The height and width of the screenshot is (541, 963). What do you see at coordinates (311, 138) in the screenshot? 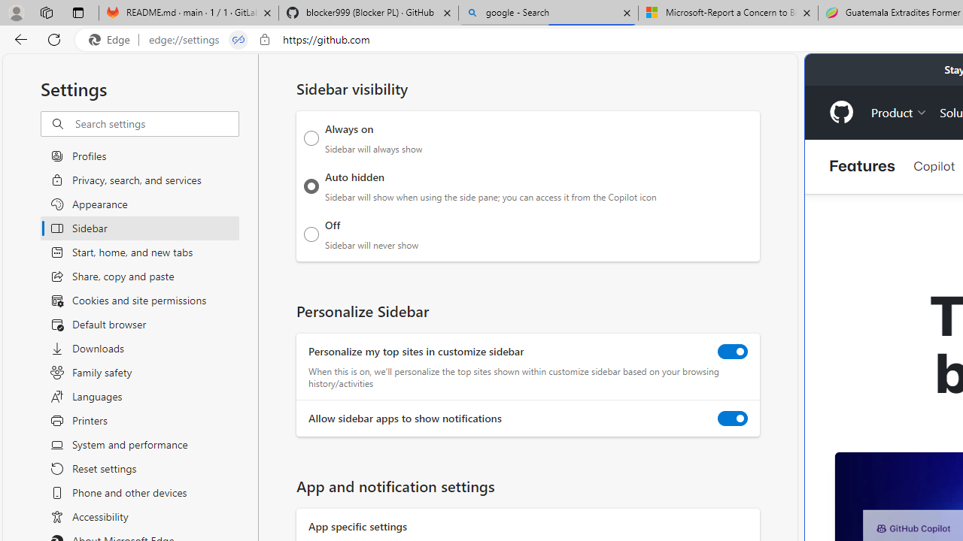
I see `'Always on Sidebar will always show'` at bounding box center [311, 138].